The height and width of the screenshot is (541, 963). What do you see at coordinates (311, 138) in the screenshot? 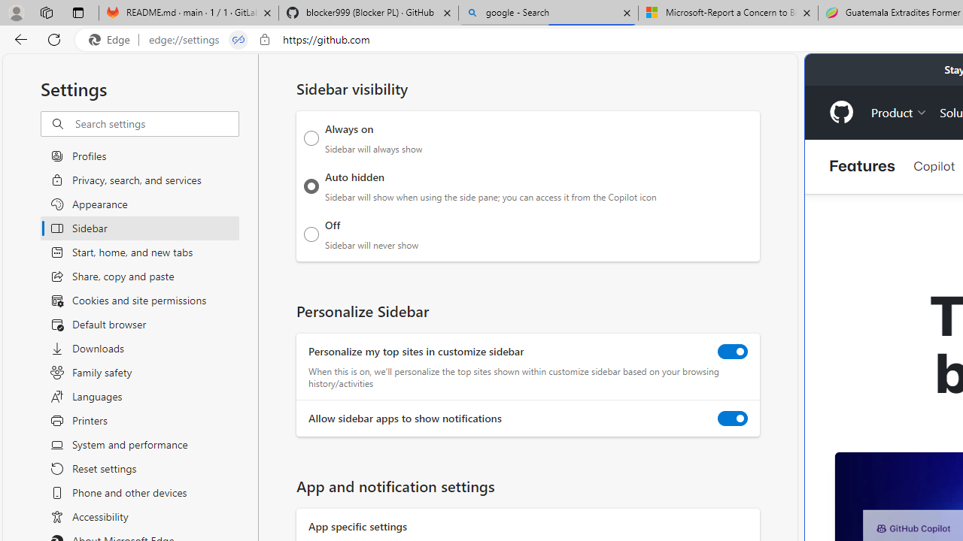
I see `'Always on Sidebar will always show'` at bounding box center [311, 138].